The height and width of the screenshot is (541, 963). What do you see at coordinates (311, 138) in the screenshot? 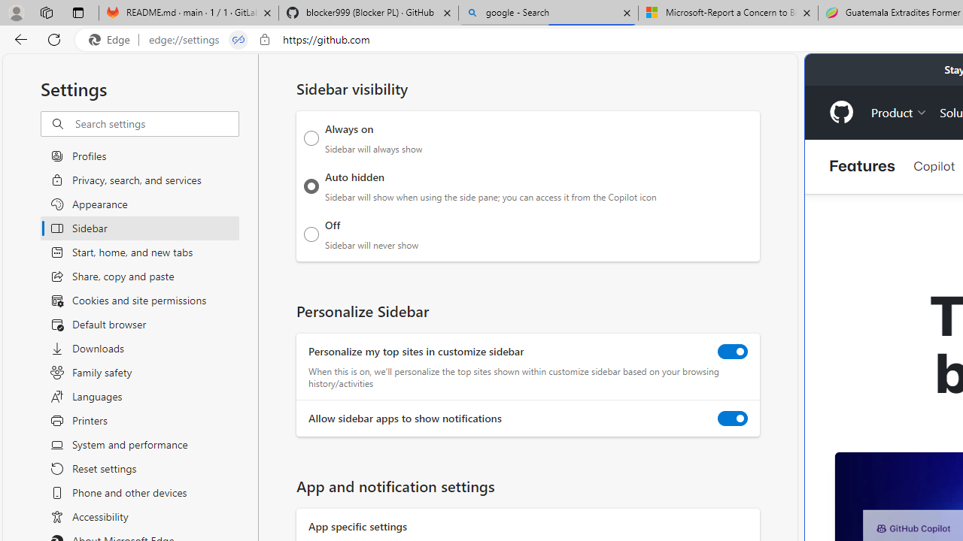
I see `'Always on Sidebar will always show'` at bounding box center [311, 138].